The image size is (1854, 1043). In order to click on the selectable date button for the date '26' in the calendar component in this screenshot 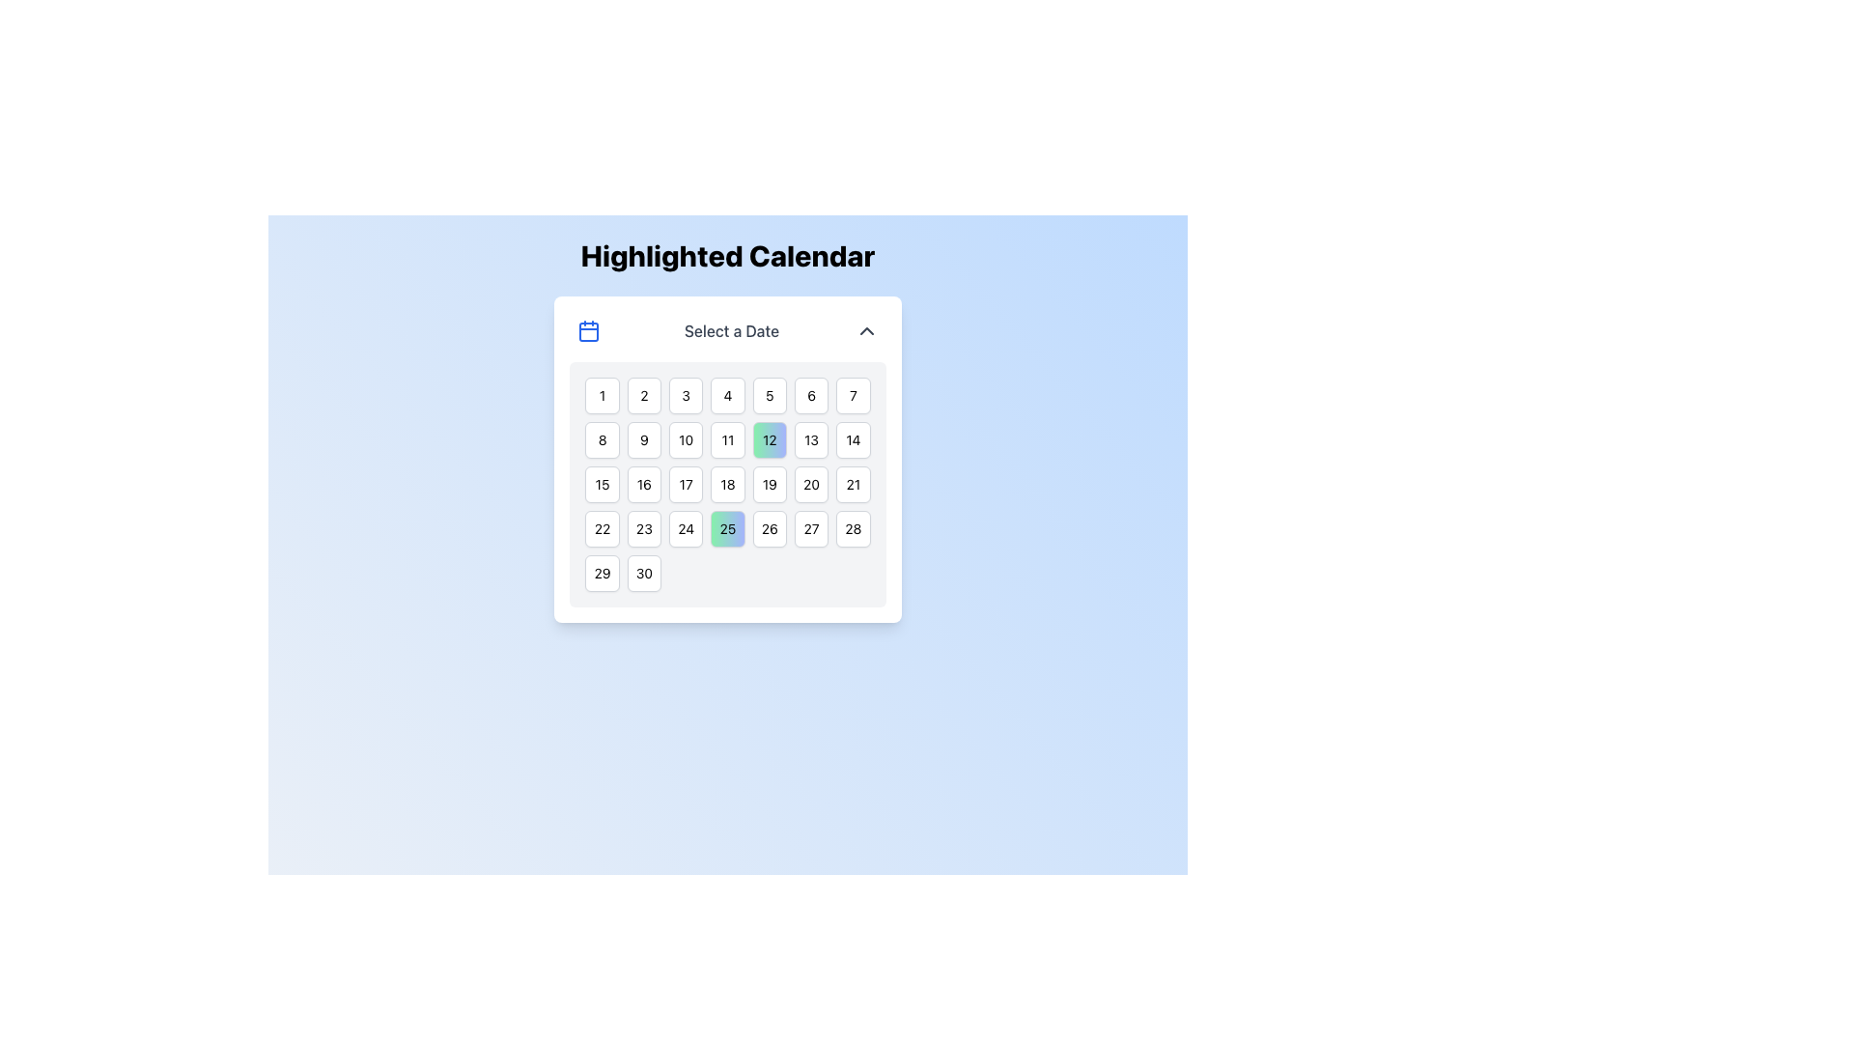, I will do `click(769, 528)`.